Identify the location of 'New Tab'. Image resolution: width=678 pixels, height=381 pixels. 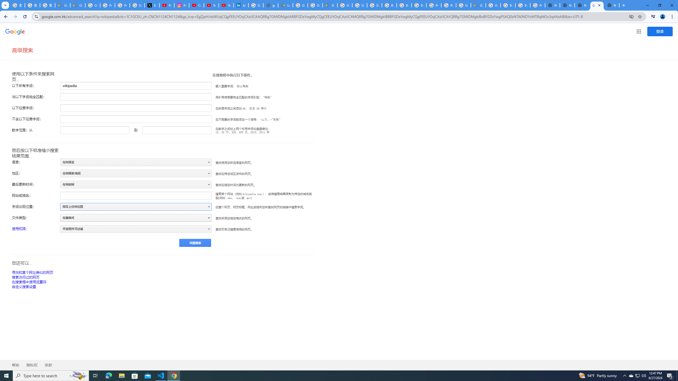
(612, 5).